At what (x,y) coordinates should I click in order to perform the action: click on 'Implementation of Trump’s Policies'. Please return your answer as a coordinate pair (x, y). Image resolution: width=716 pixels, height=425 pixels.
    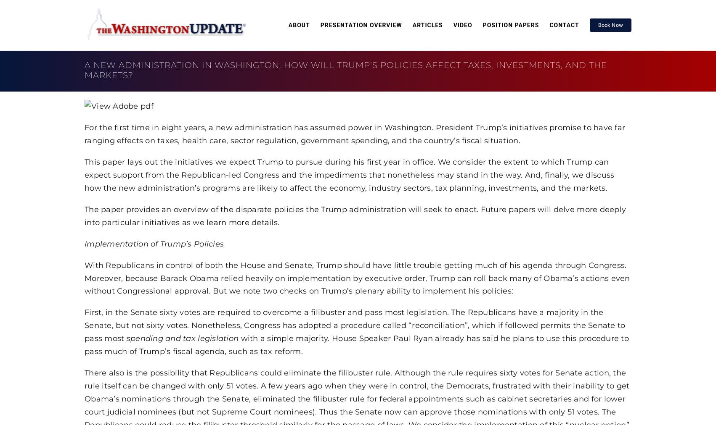
    Looking at the image, I should click on (84, 242).